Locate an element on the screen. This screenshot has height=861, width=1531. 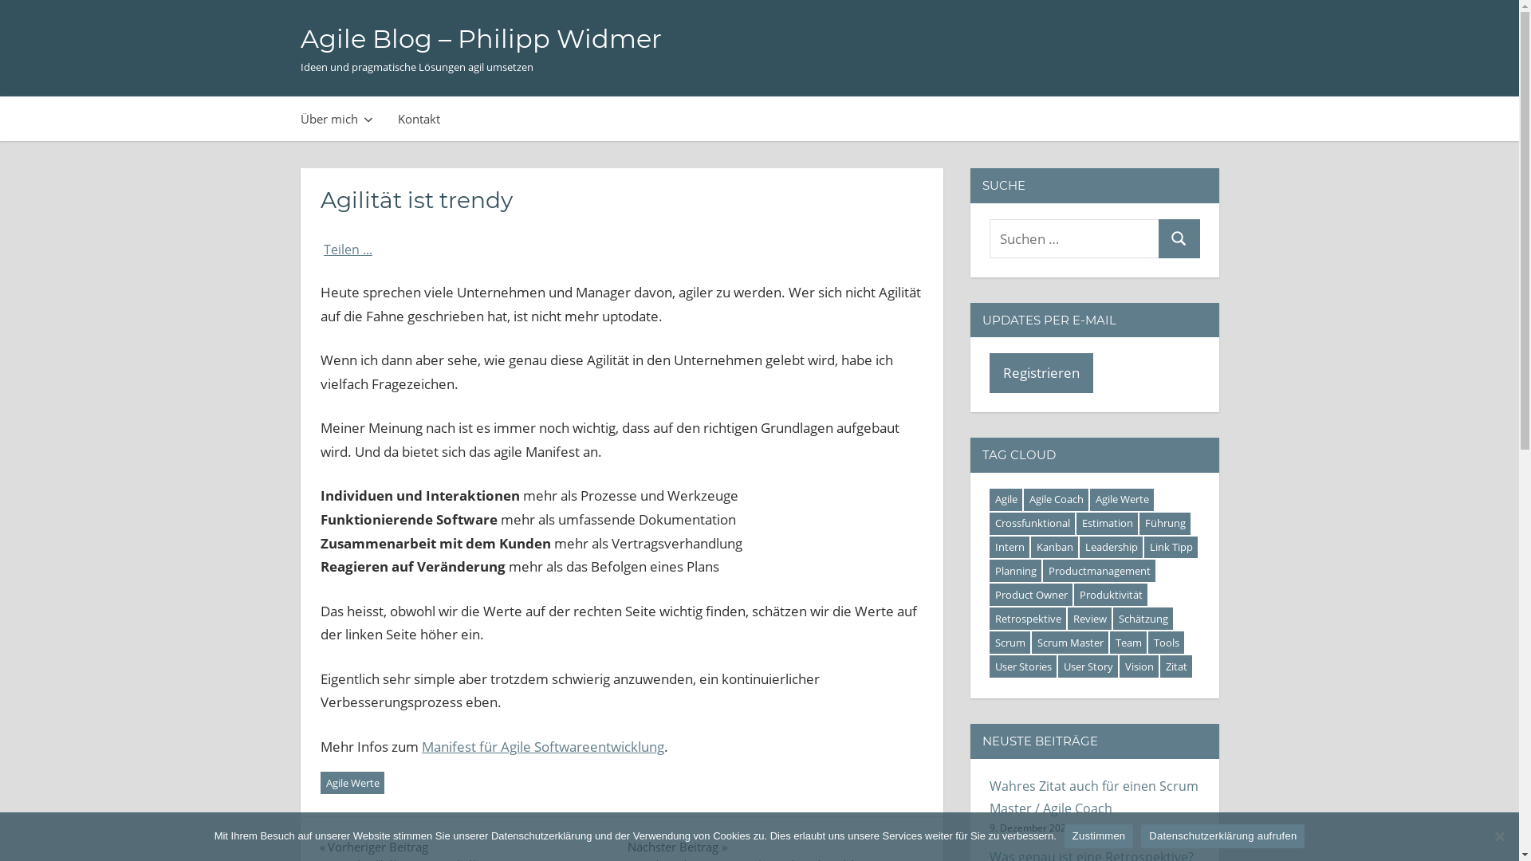
'Leadership' is located at coordinates (1110, 546).